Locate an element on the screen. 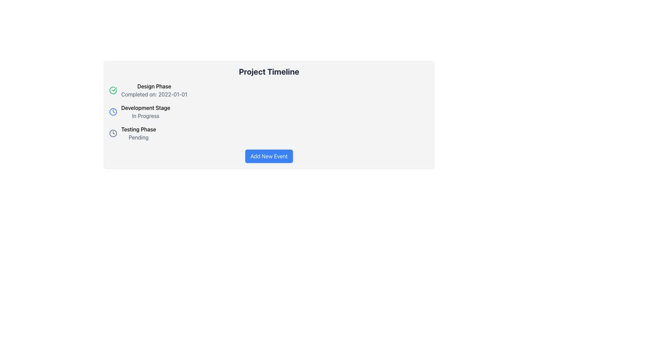  the static informational component that indicates the completion status of the design phase in the project timeline, located at the top of the list is located at coordinates (269, 90).